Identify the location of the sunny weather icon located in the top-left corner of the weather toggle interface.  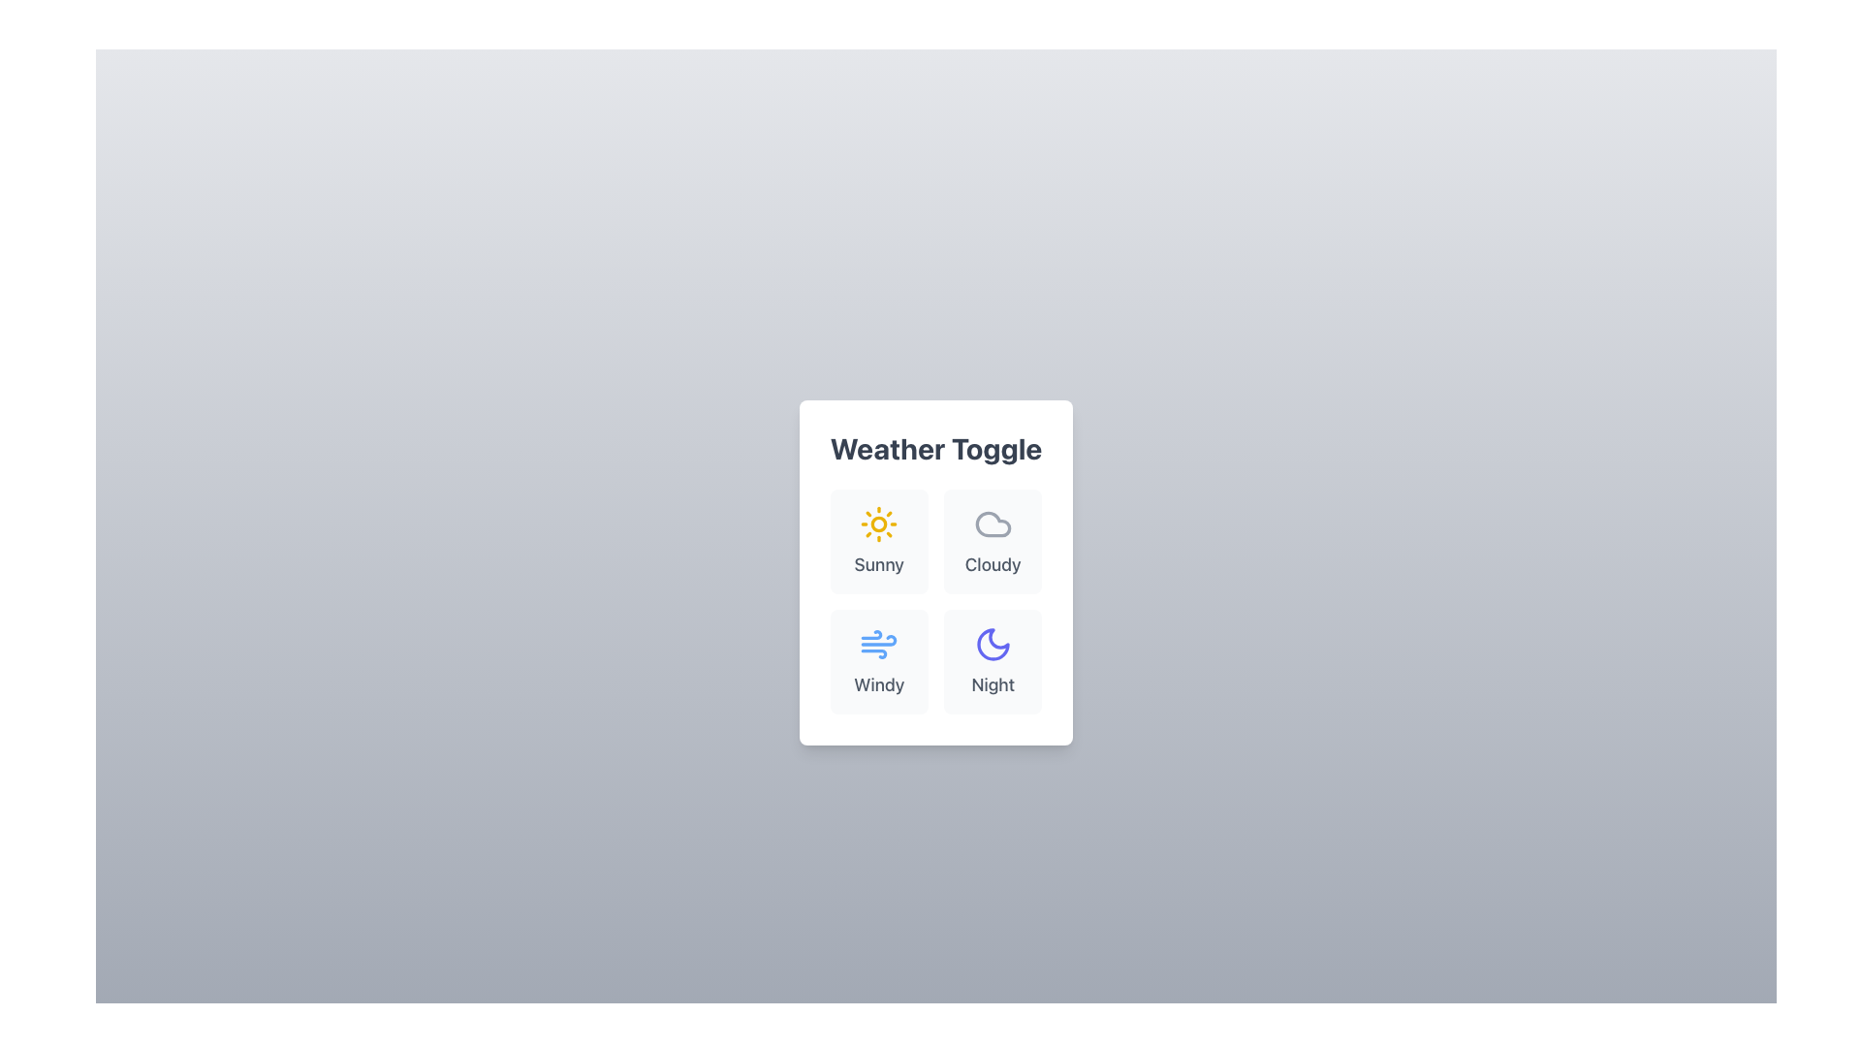
(878, 523).